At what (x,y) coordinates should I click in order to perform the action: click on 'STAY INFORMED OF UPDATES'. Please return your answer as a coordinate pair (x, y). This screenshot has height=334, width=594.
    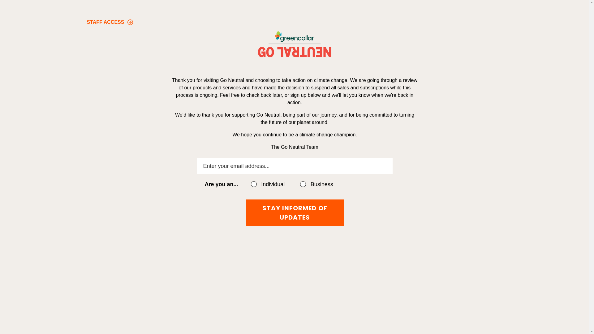
    Looking at the image, I should click on (294, 212).